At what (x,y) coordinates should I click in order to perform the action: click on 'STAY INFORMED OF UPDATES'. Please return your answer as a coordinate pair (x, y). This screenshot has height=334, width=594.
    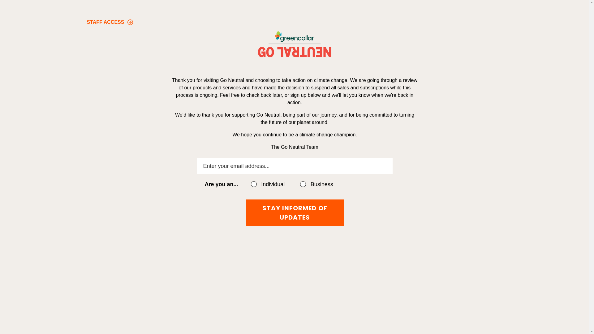
    Looking at the image, I should click on (294, 212).